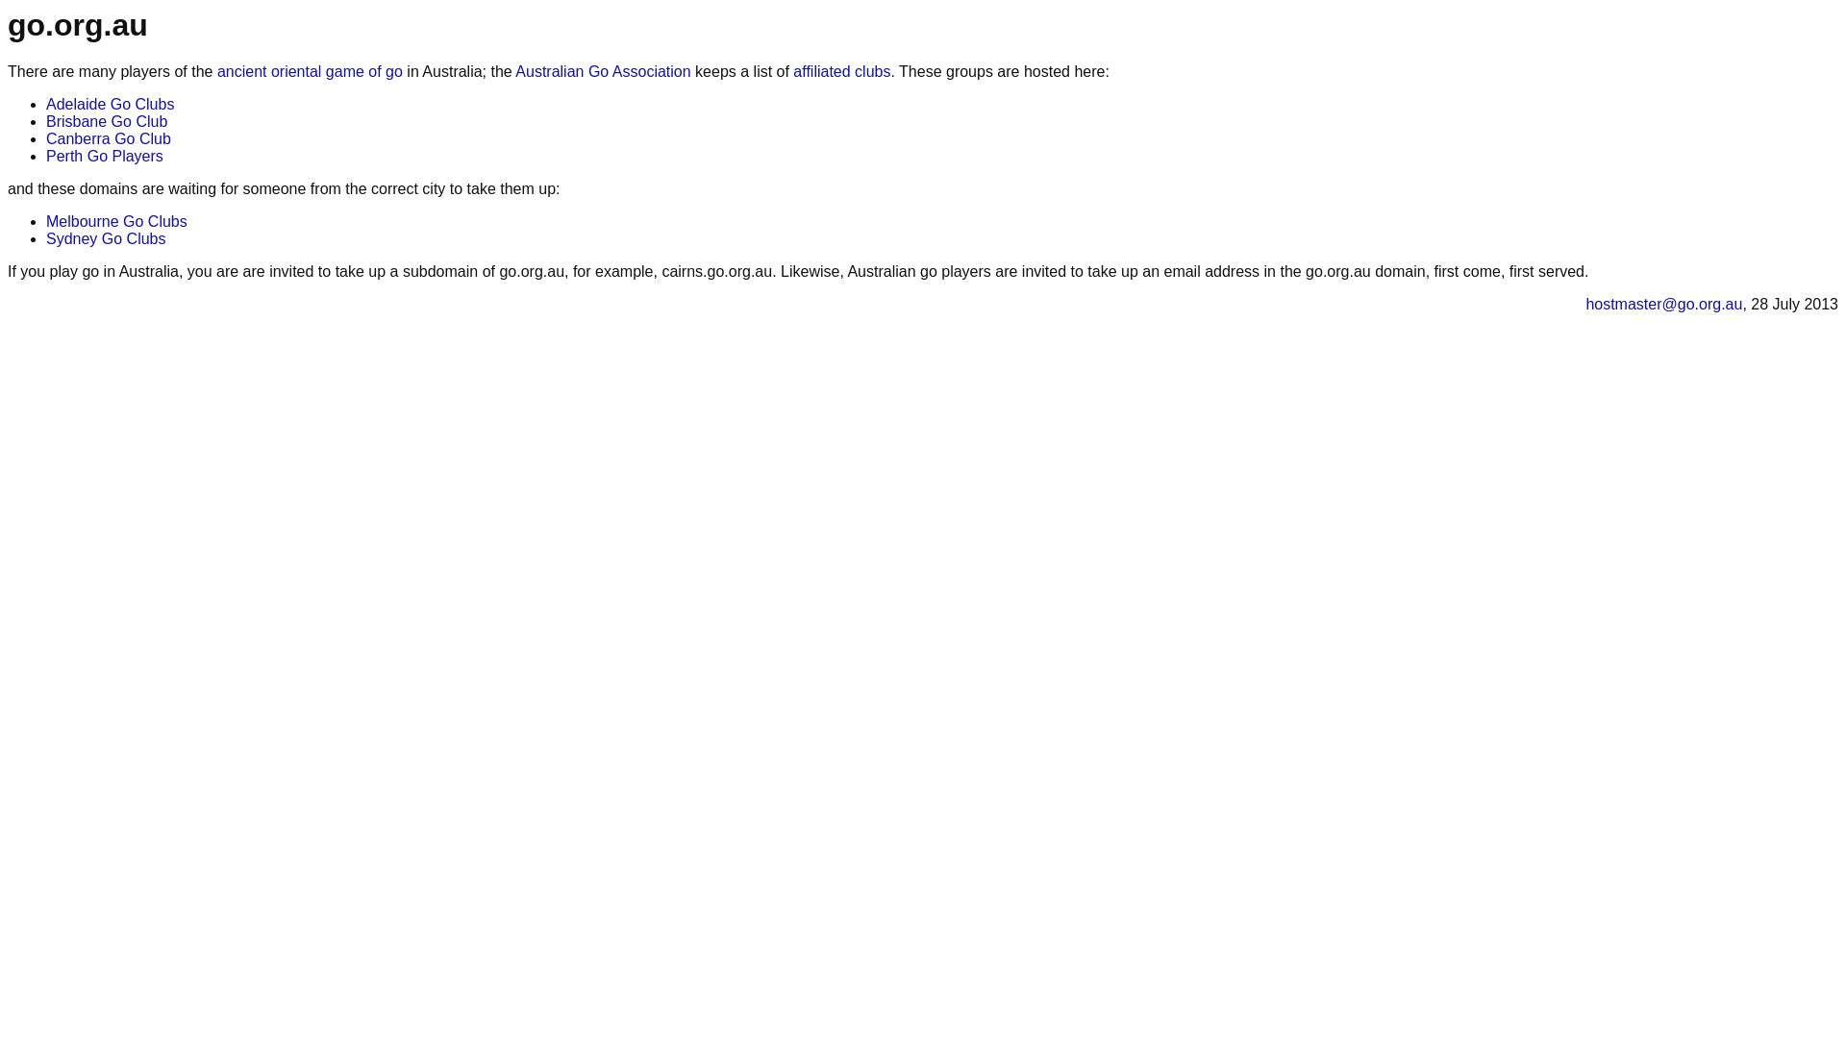  Describe the element at coordinates (109, 104) in the screenshot. I see `'Adelaide Go Clubs'` at that location.